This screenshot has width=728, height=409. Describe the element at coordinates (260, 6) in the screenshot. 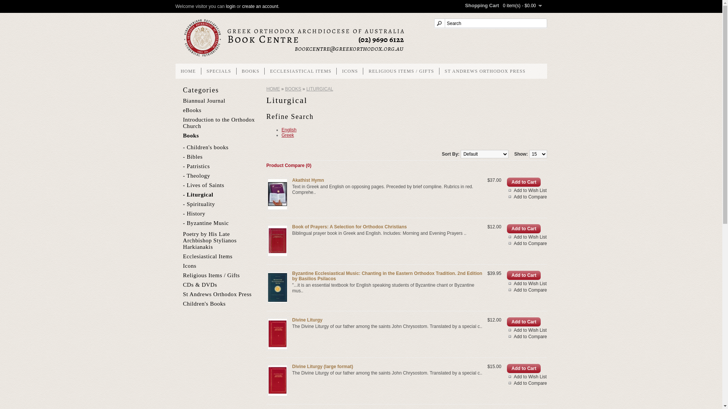

I see `'create an account'` at that location.